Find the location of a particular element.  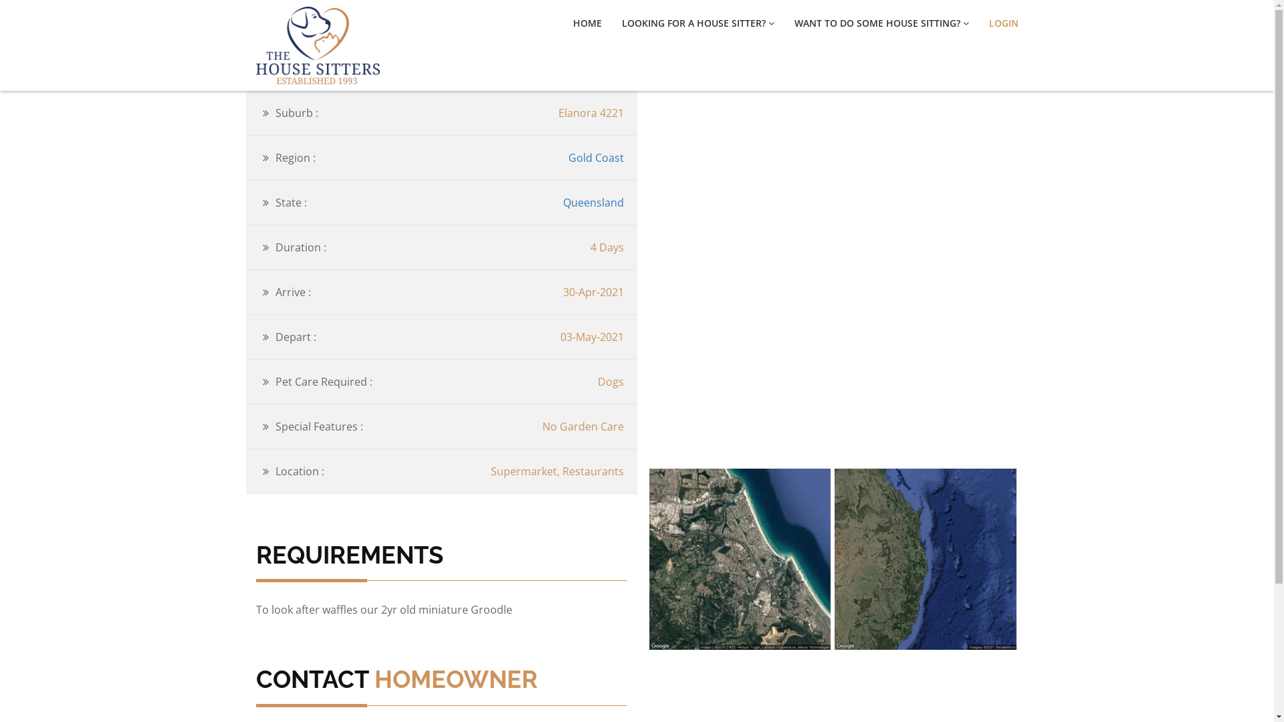

'LOOKING FOR A HOUSE SITTER?' is located at coordinates (697, 23).